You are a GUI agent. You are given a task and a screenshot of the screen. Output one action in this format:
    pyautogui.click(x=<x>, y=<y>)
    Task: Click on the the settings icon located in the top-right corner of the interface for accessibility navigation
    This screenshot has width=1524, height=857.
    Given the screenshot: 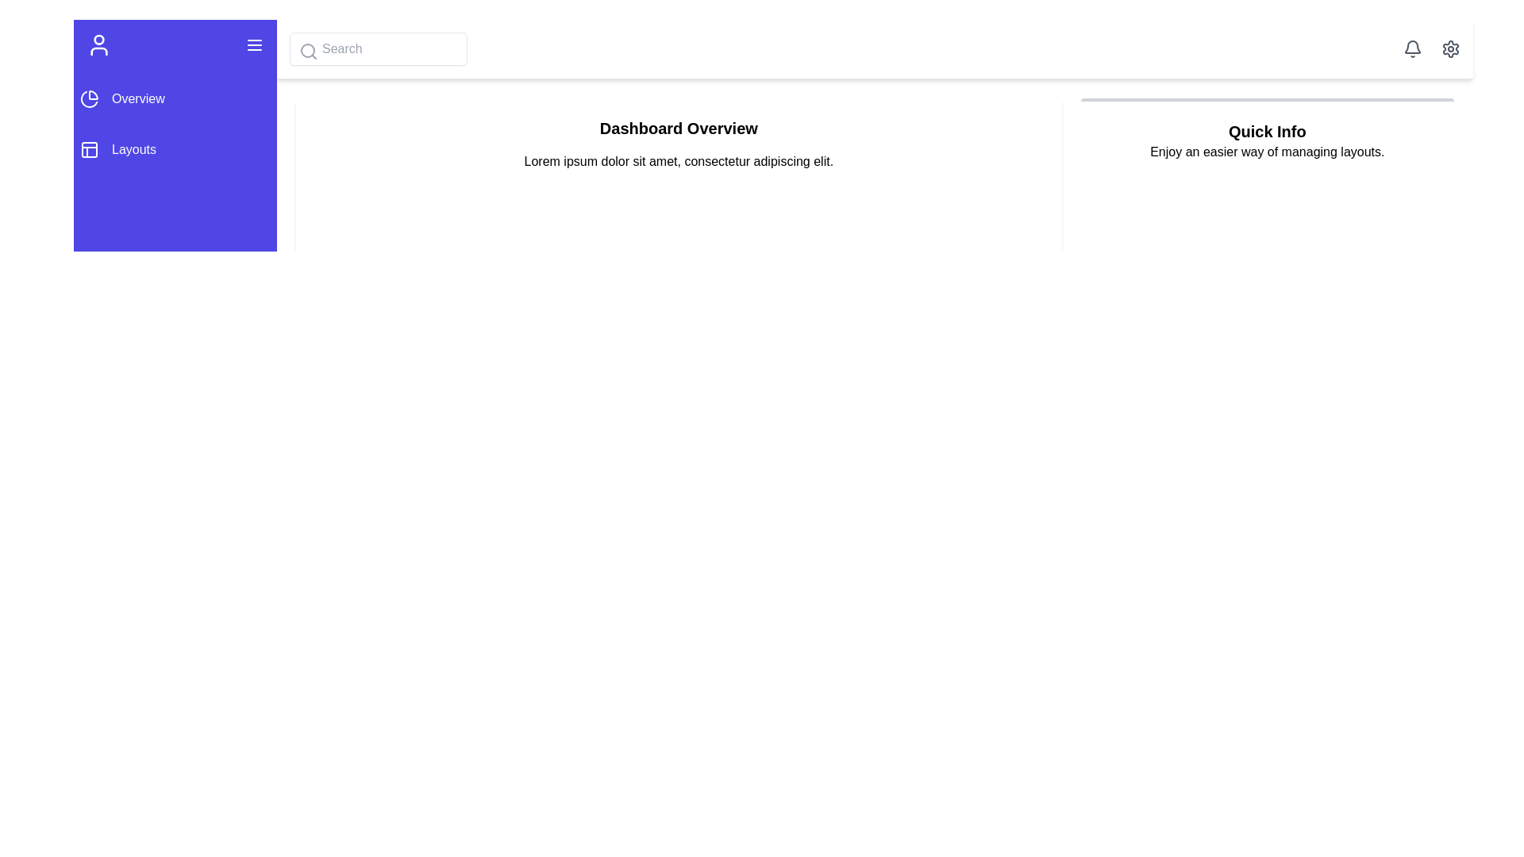 What is the action you would take?
    pyautogui.click(x=1451, y=48)
    